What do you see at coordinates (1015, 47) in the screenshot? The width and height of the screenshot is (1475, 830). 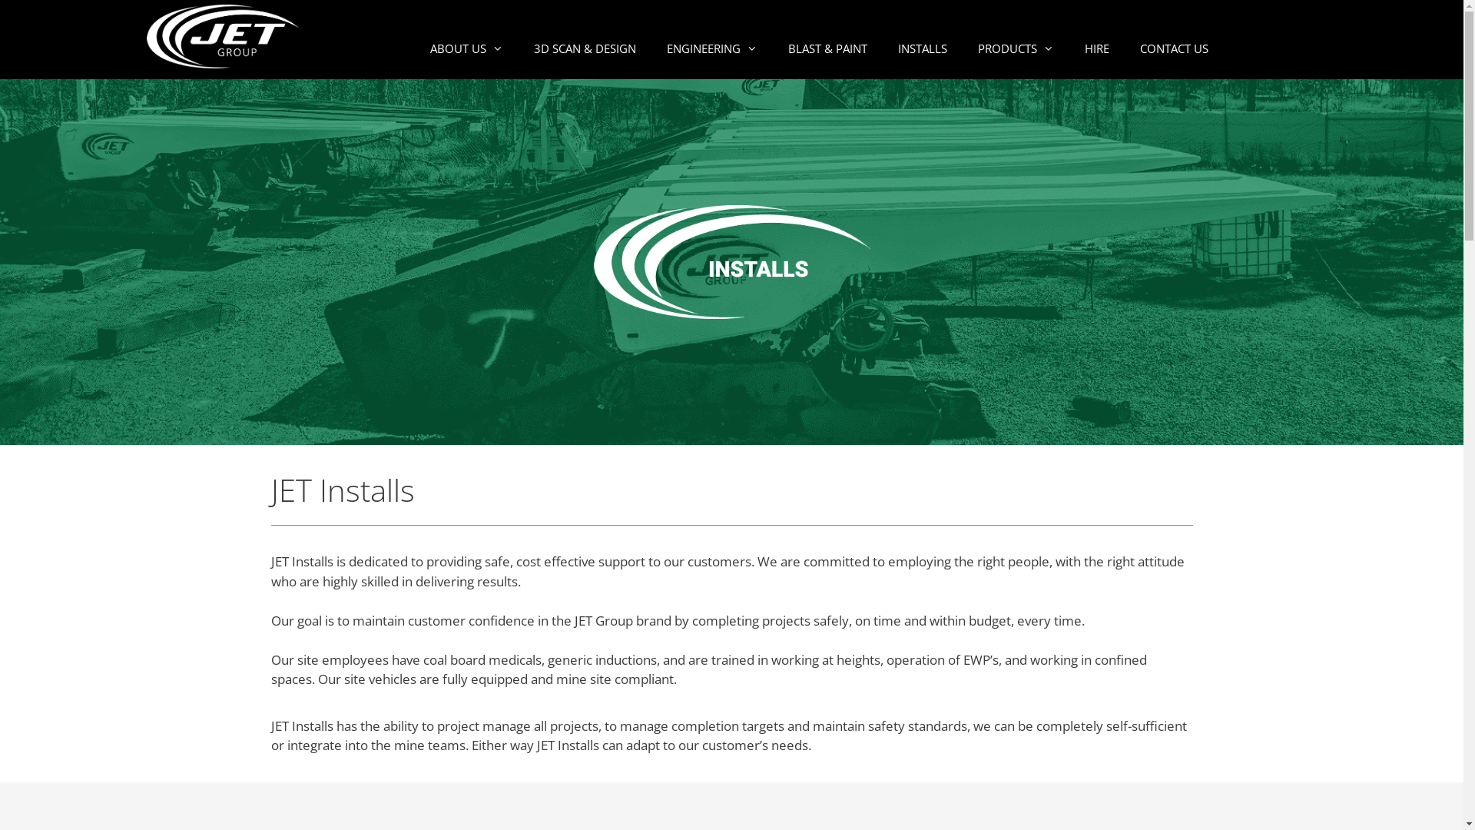 I see `'PRODUCTS'` at bounding box center [1015, 47].